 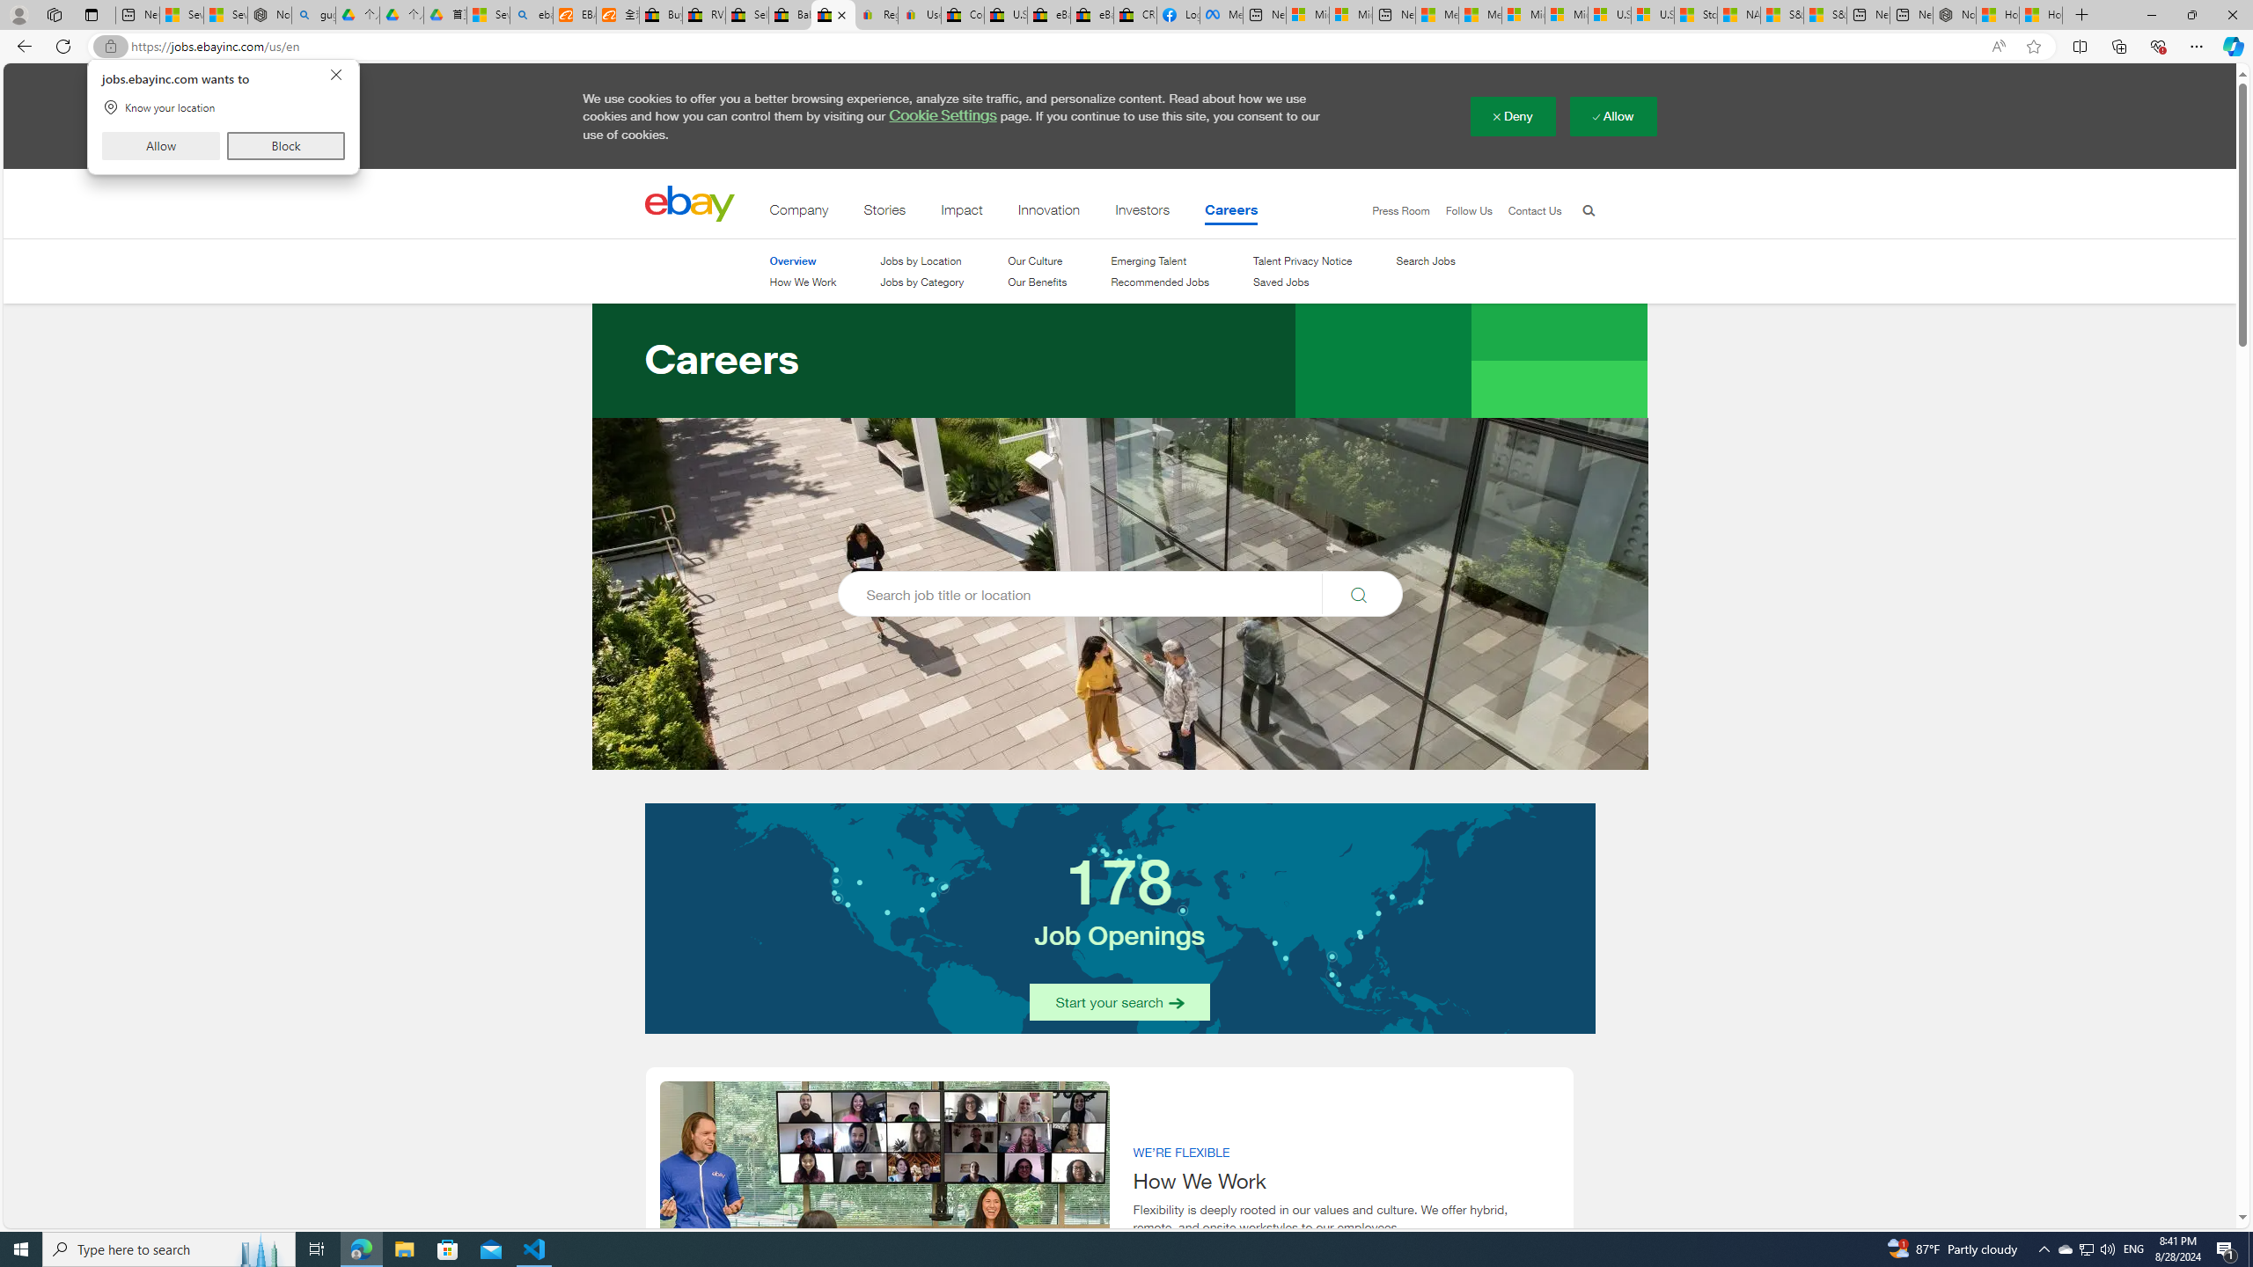 What do you see at coordinates (1143, 213) in the screenshot?
I see `'Investors'` at bounding box center [1143, 213].